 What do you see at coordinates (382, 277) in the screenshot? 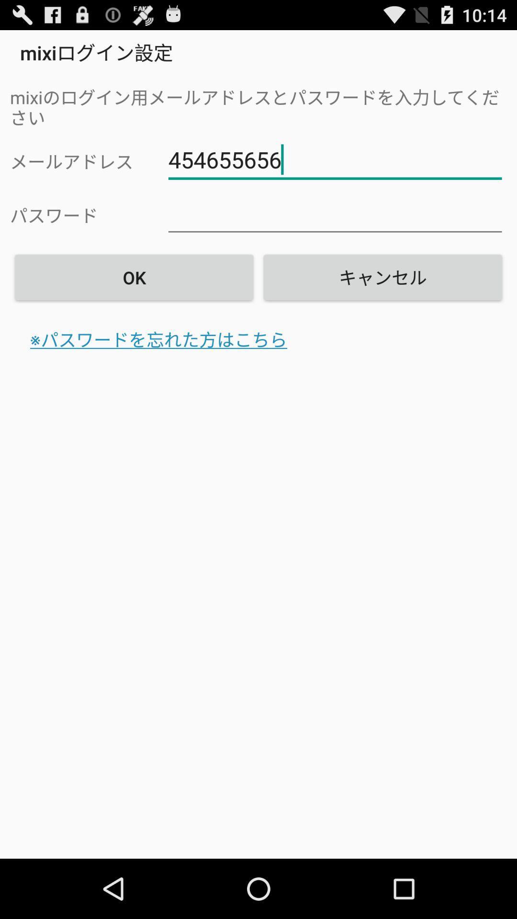
I see `icon next to ok icon` at bounding box center [382, 277].